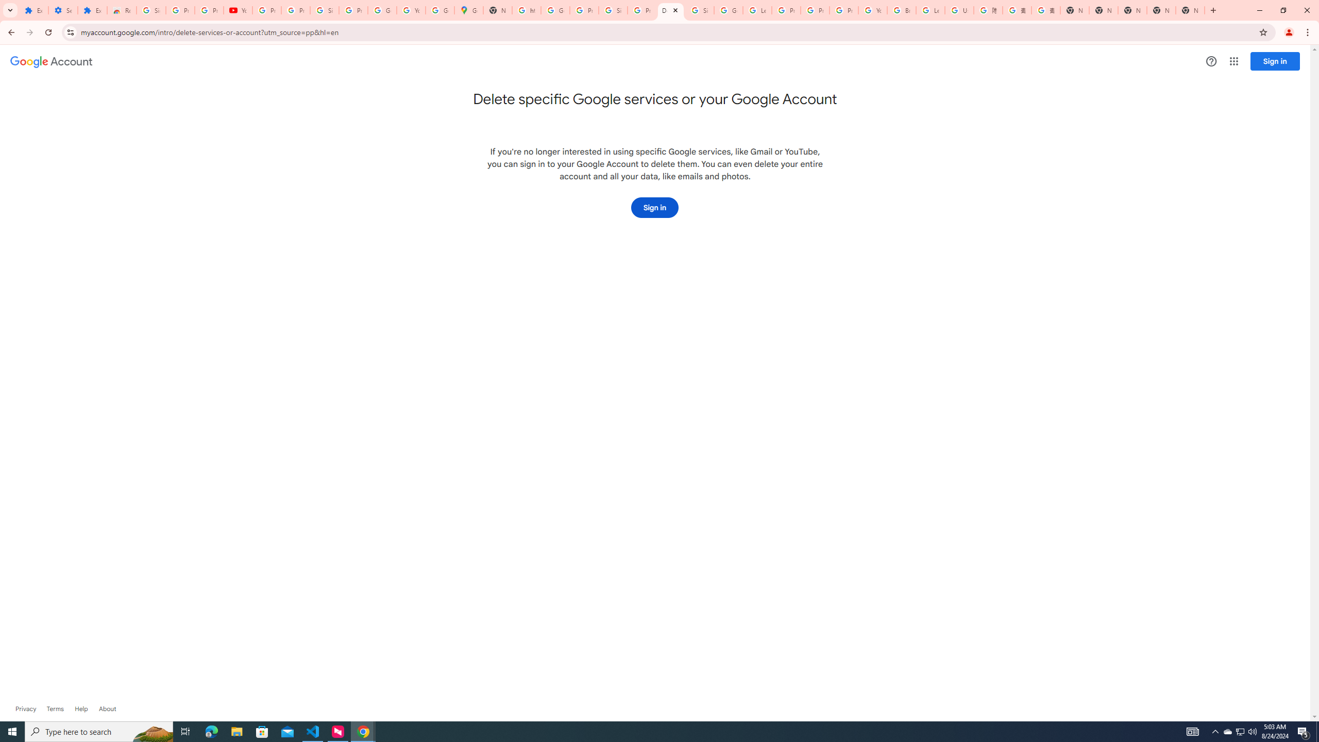 The height and width of the screenshot is (742, 1319). Describe the element at coordinates (786, 10) in the screenshot. I see `'Privacy Help Center - Policies Help'` at that location.